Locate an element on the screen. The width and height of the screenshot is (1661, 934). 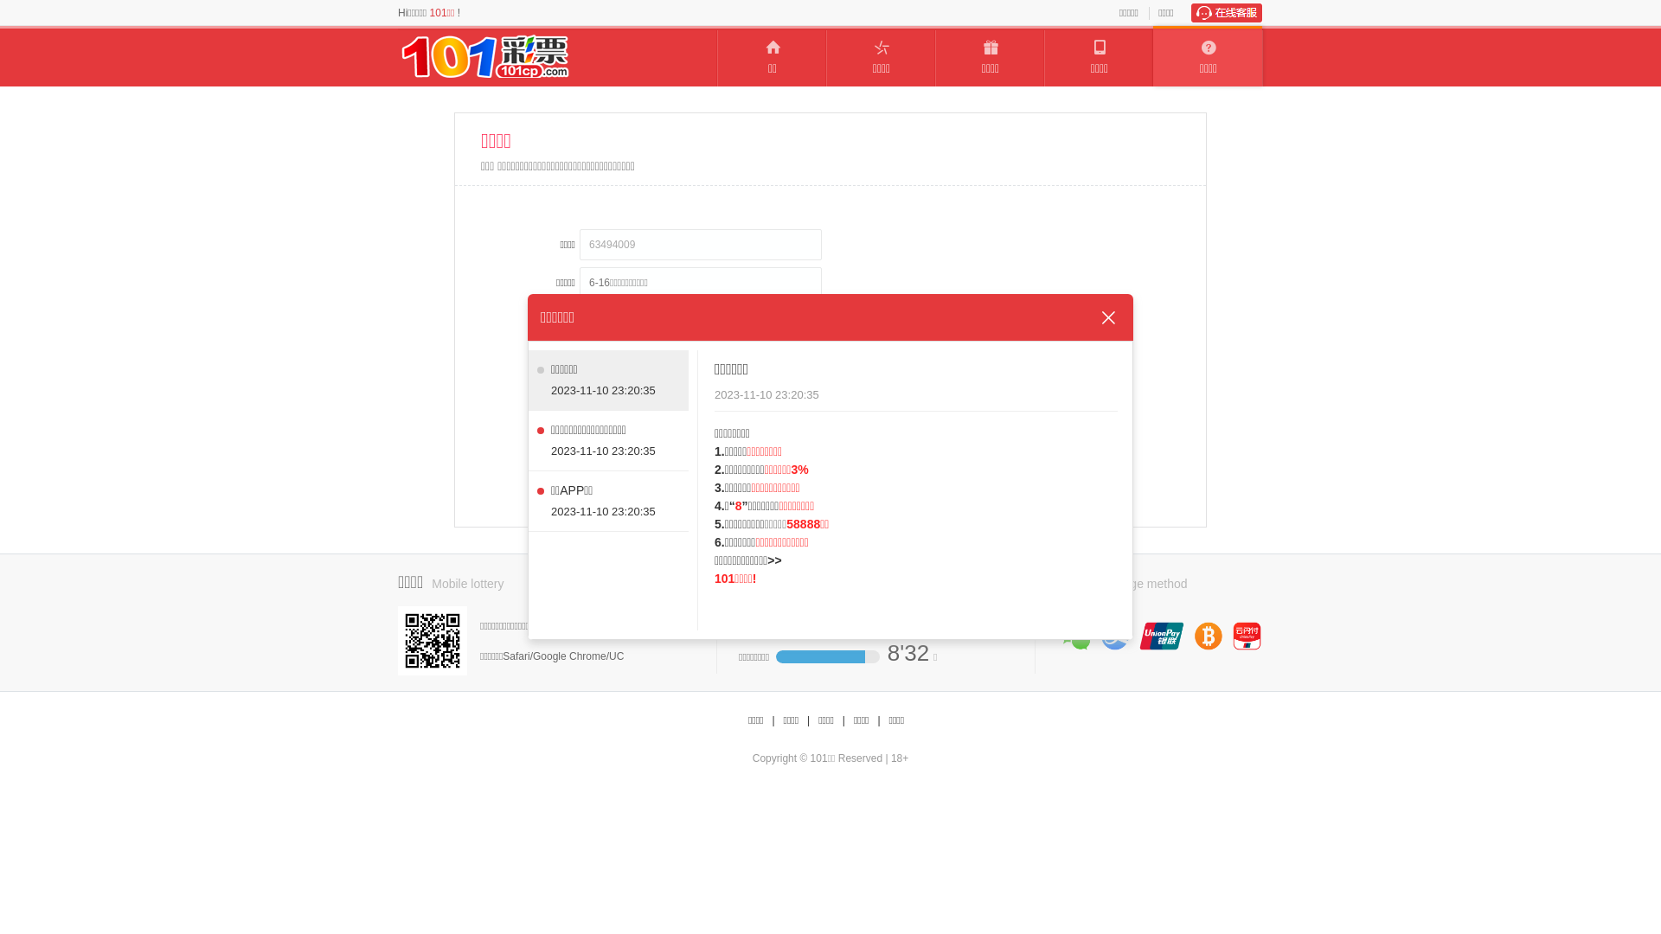
'|' is located at coordinates (878, 720).